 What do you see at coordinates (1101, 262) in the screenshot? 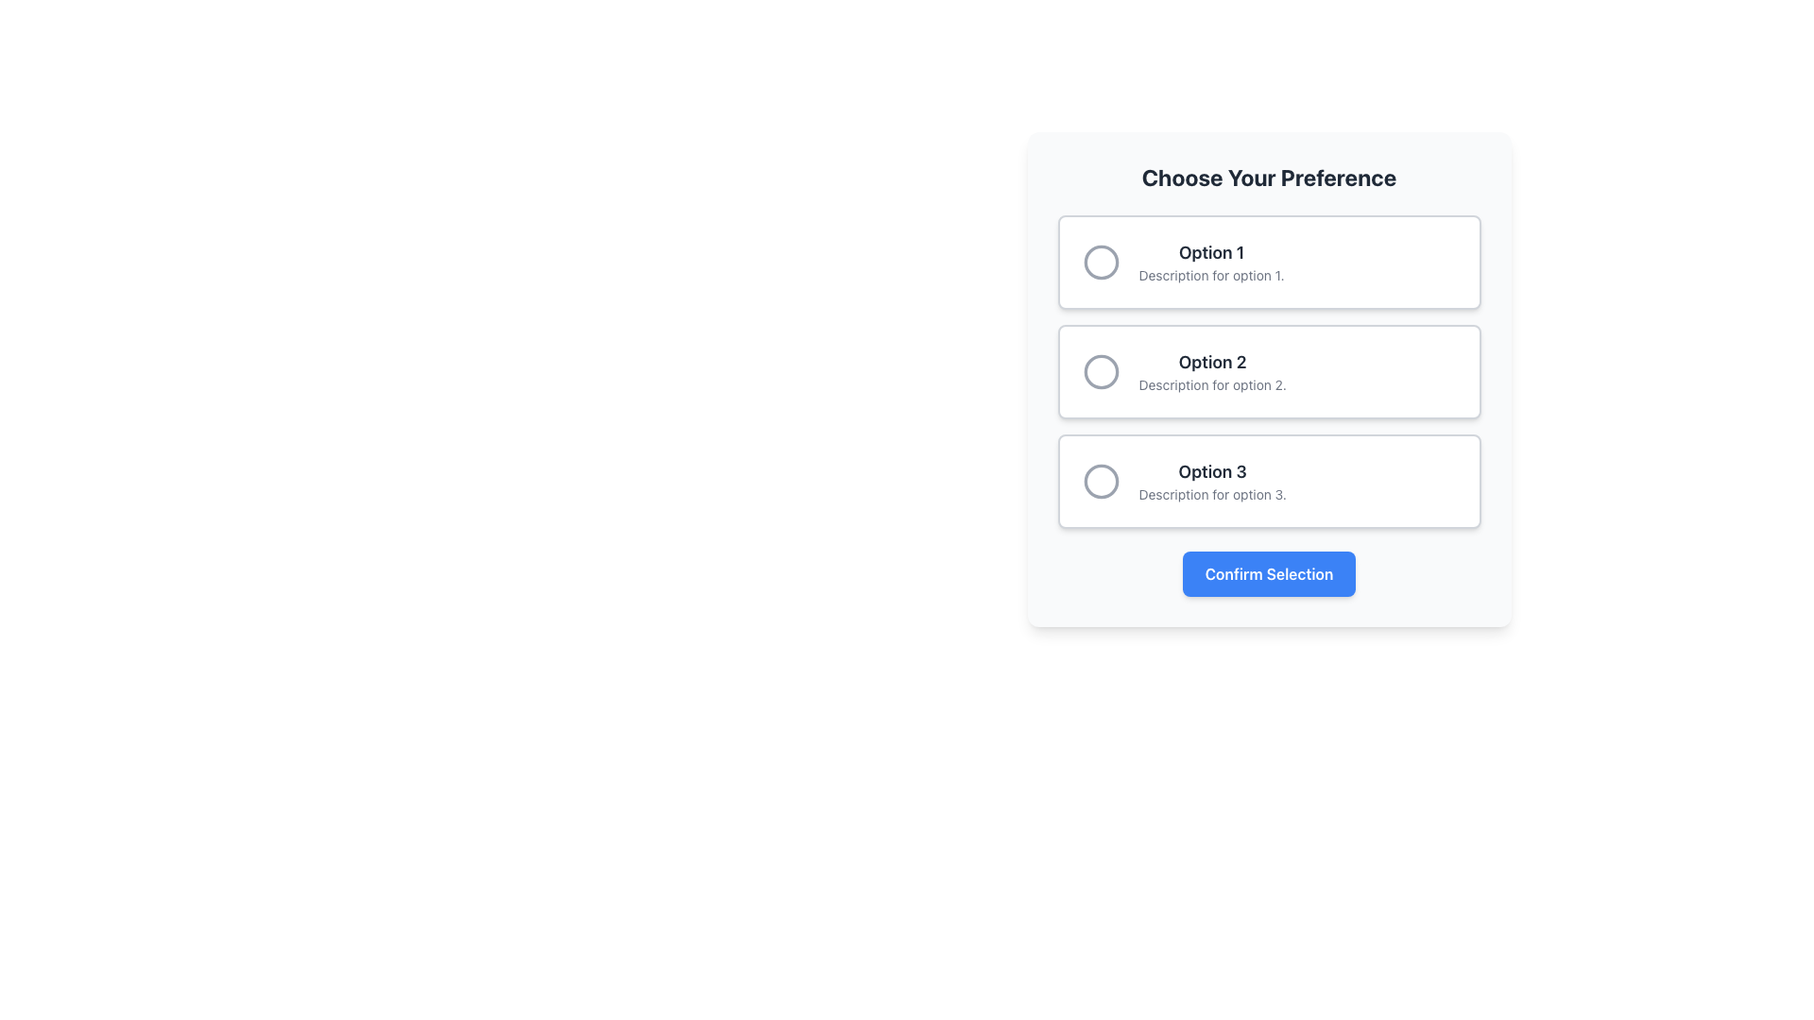
I see `the Radio button indicator for 'Option 1' under the heading 'Choose Your Preference'` at bounding box center [1101, 262].